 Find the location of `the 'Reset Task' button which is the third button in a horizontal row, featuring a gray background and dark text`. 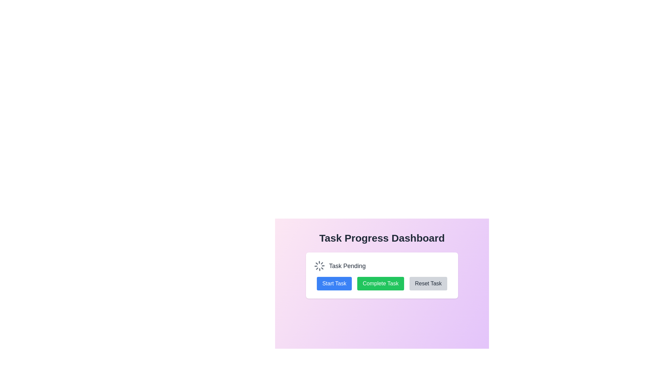

the 'Reset Task' button which is the third button in a horizontal row, featuring a gray background and dark text is located at coordinates (428, 284).